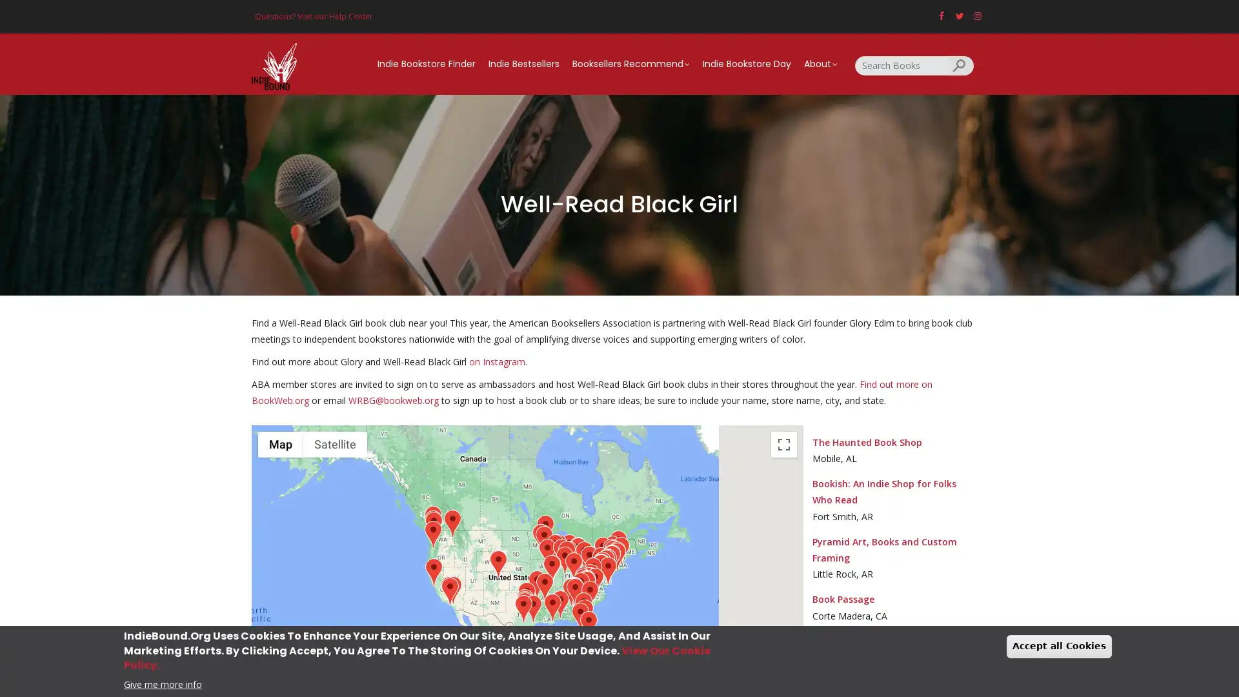  Describe the element at coordinates (524, 604) in the screenshot. I see `Lark & Owl Booksellers` at that location.